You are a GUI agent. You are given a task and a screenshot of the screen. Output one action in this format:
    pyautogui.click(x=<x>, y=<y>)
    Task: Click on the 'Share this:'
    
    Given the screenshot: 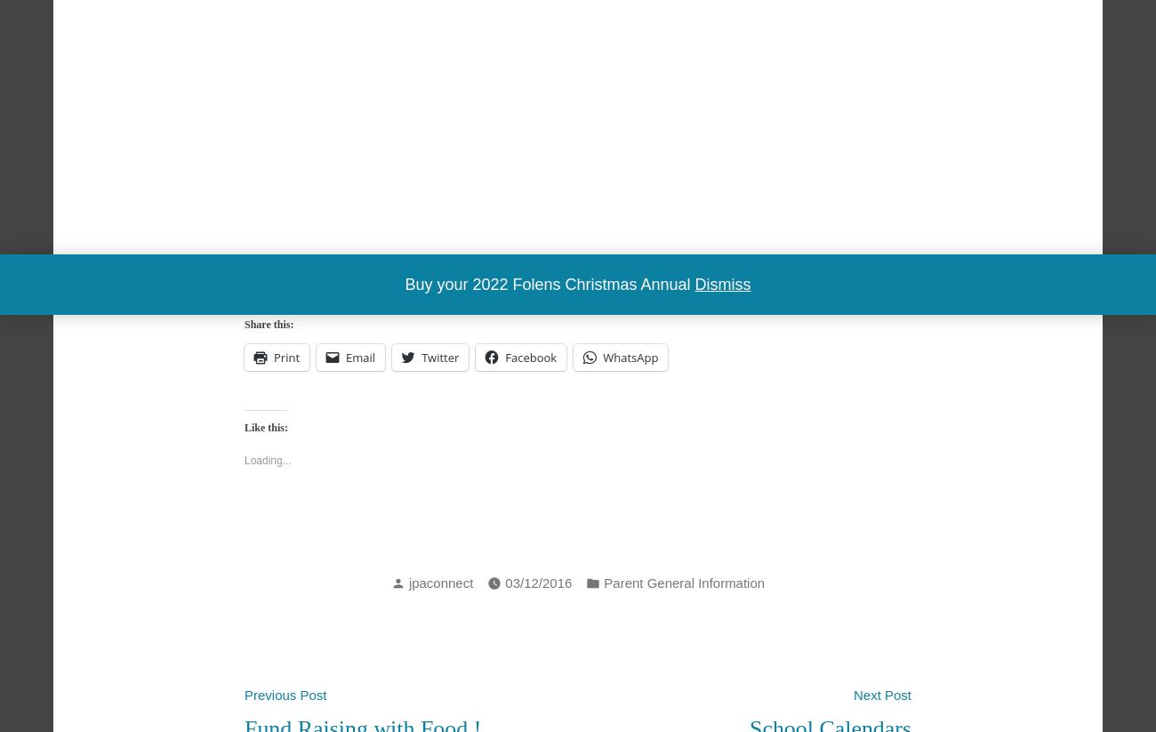 What is the action you would take?
    pyautogui.click(x=269, y=325)
    